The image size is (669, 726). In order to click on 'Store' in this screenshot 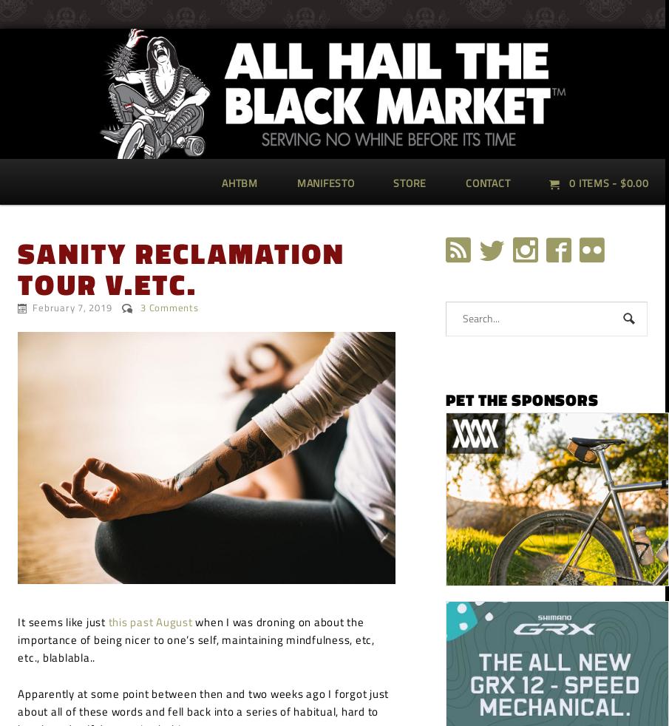, I will do `click(410, 182)`.